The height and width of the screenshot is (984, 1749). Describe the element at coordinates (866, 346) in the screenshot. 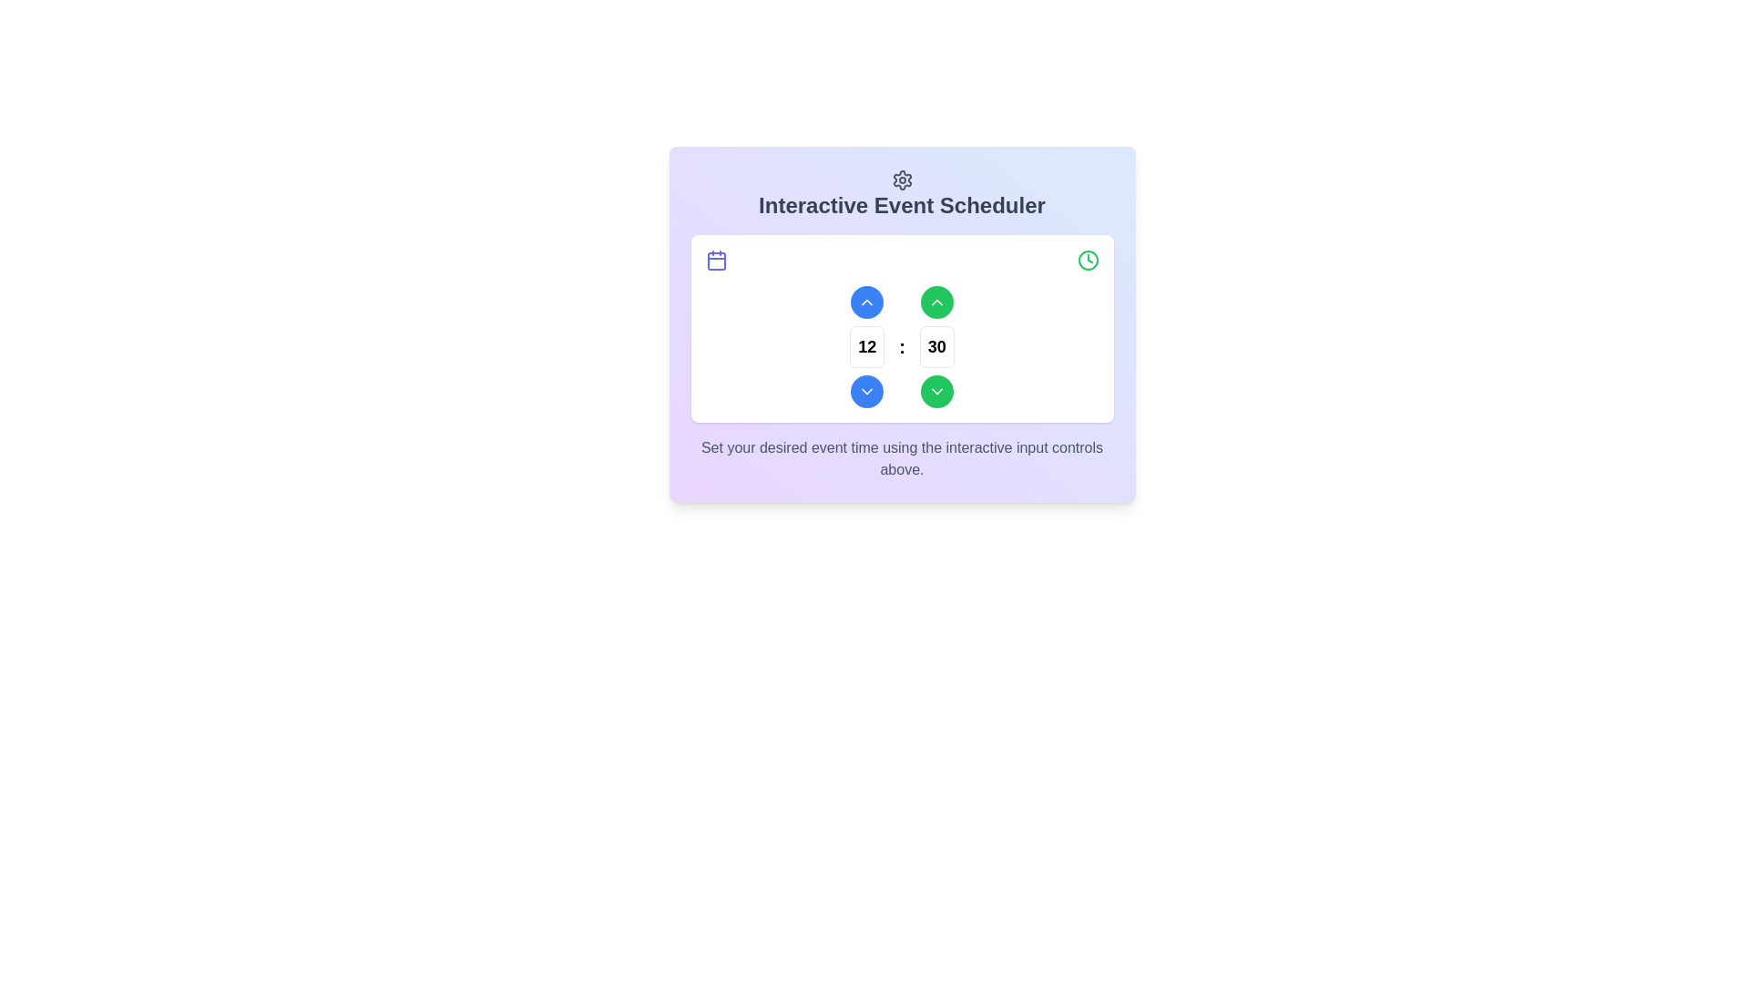

I see `the non-interactive label that displays the current hour value for time selection, located in the event time scheduler section, beneath an upward-pointing icon button and above a downward-pointing icon button` at that location.